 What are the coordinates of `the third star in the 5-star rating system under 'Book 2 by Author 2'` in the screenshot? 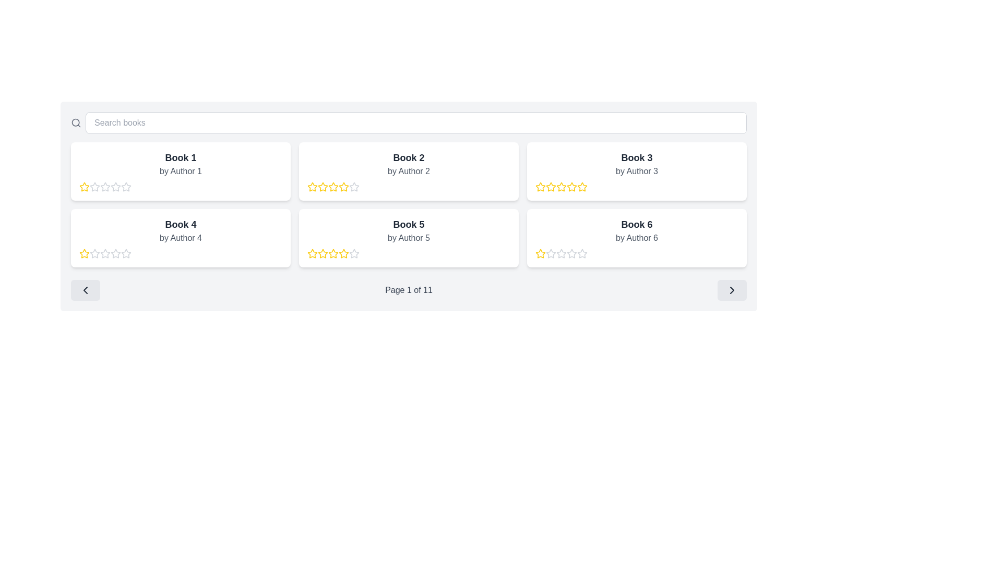 It's located at (323, 186).